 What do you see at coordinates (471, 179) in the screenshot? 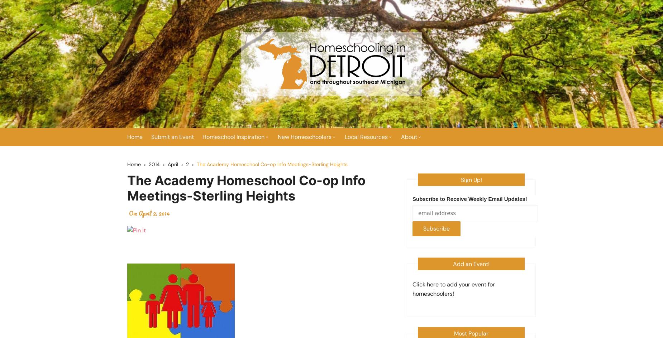
I see `'Sign Up!'` at bounding box center [471, 179].